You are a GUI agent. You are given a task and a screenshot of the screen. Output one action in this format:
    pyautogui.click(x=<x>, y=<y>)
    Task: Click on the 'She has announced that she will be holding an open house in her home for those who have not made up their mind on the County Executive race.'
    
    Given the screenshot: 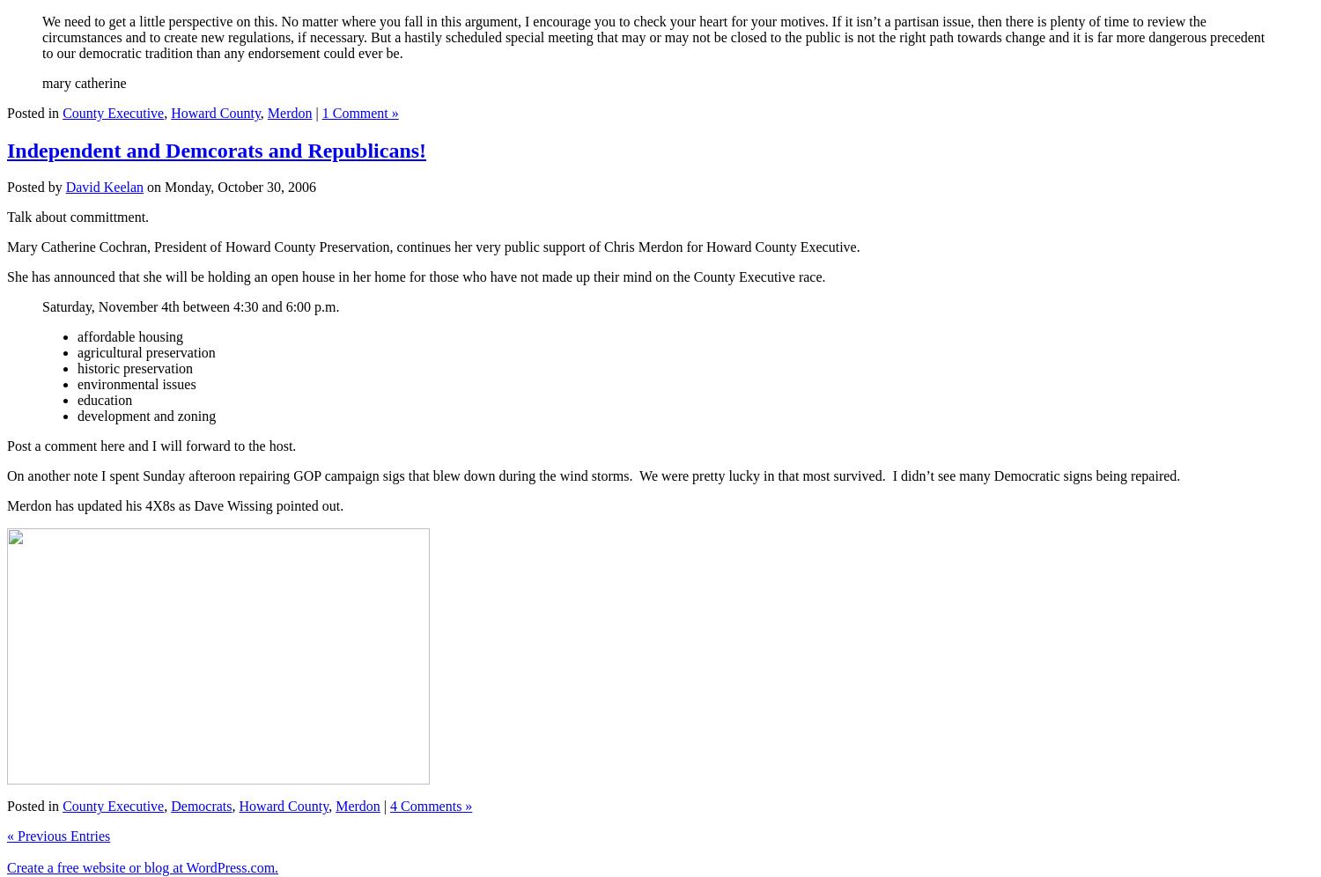 What is the action you would take?
    pyautogui.click(x=415, y=276)
    